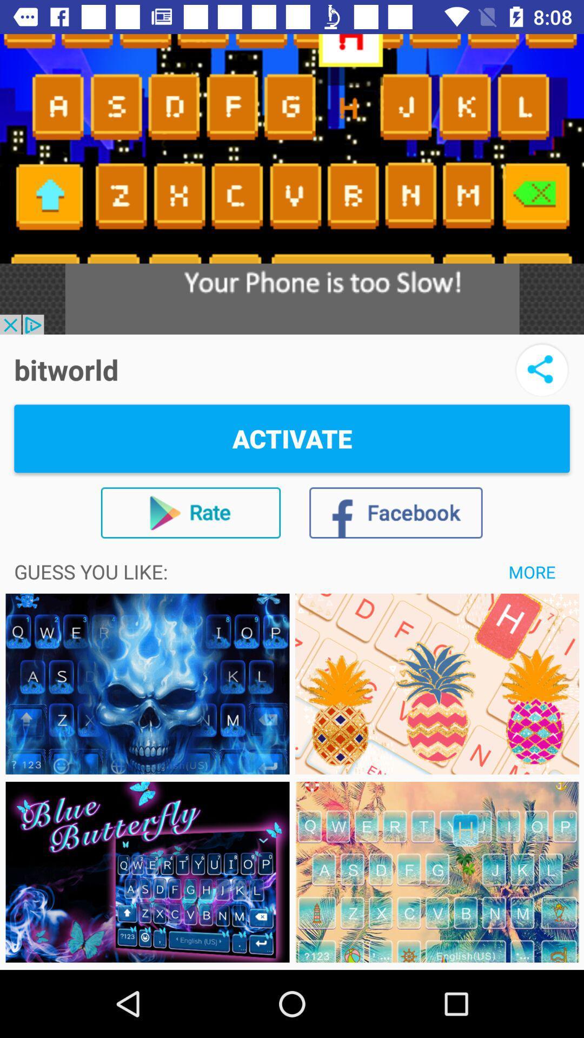 The height and width of the screenshot is (1038, 584). Describe the element at coordinates (542, 369) in the screenshot. I see `the item above the activate` at that location.